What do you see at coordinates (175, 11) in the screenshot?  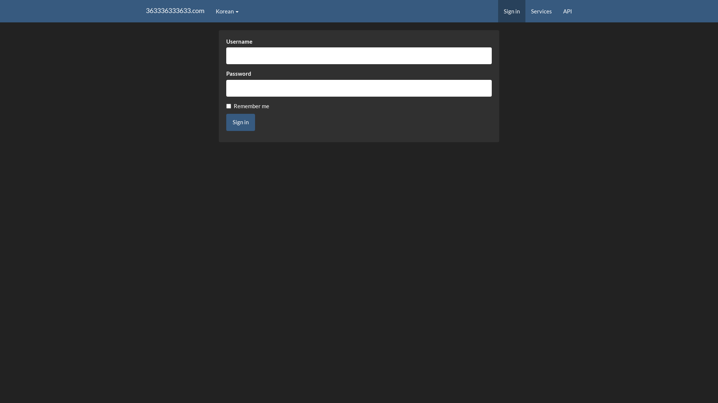 I see `'363336333633.com'` at bounding box center [175, 11].